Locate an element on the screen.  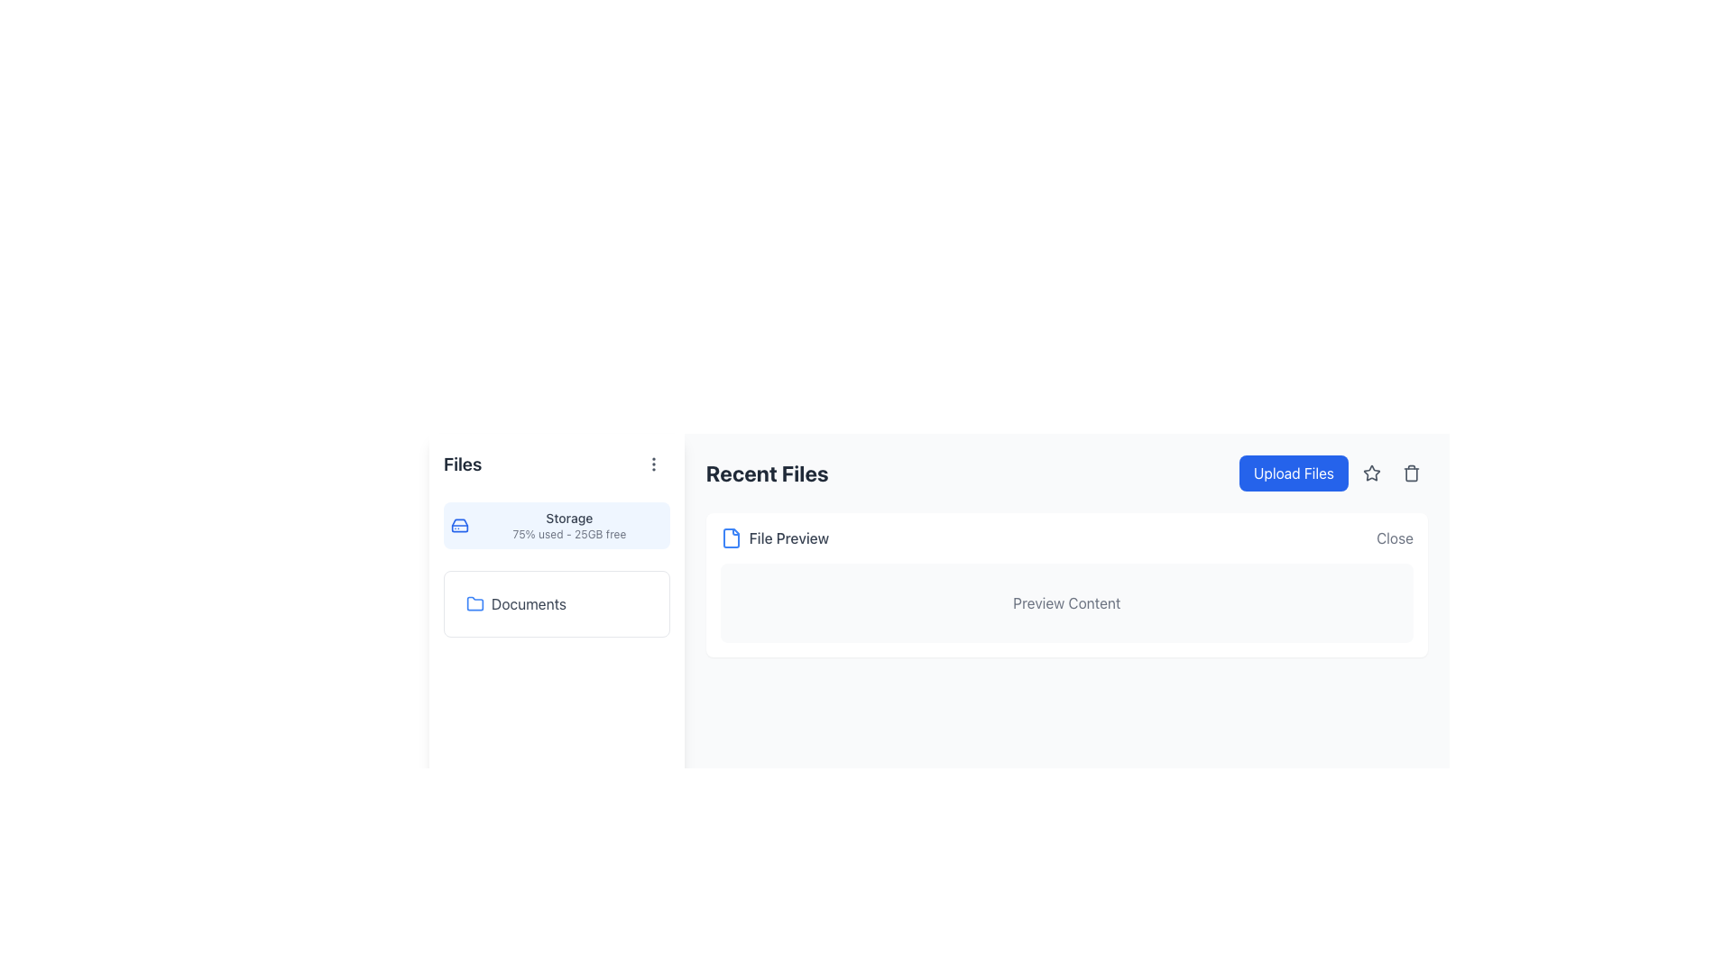
the blue document-like icon located in the 'Recent Files' section, positioned just to the left of 'File Preview' is located at coordinates (731, 538).